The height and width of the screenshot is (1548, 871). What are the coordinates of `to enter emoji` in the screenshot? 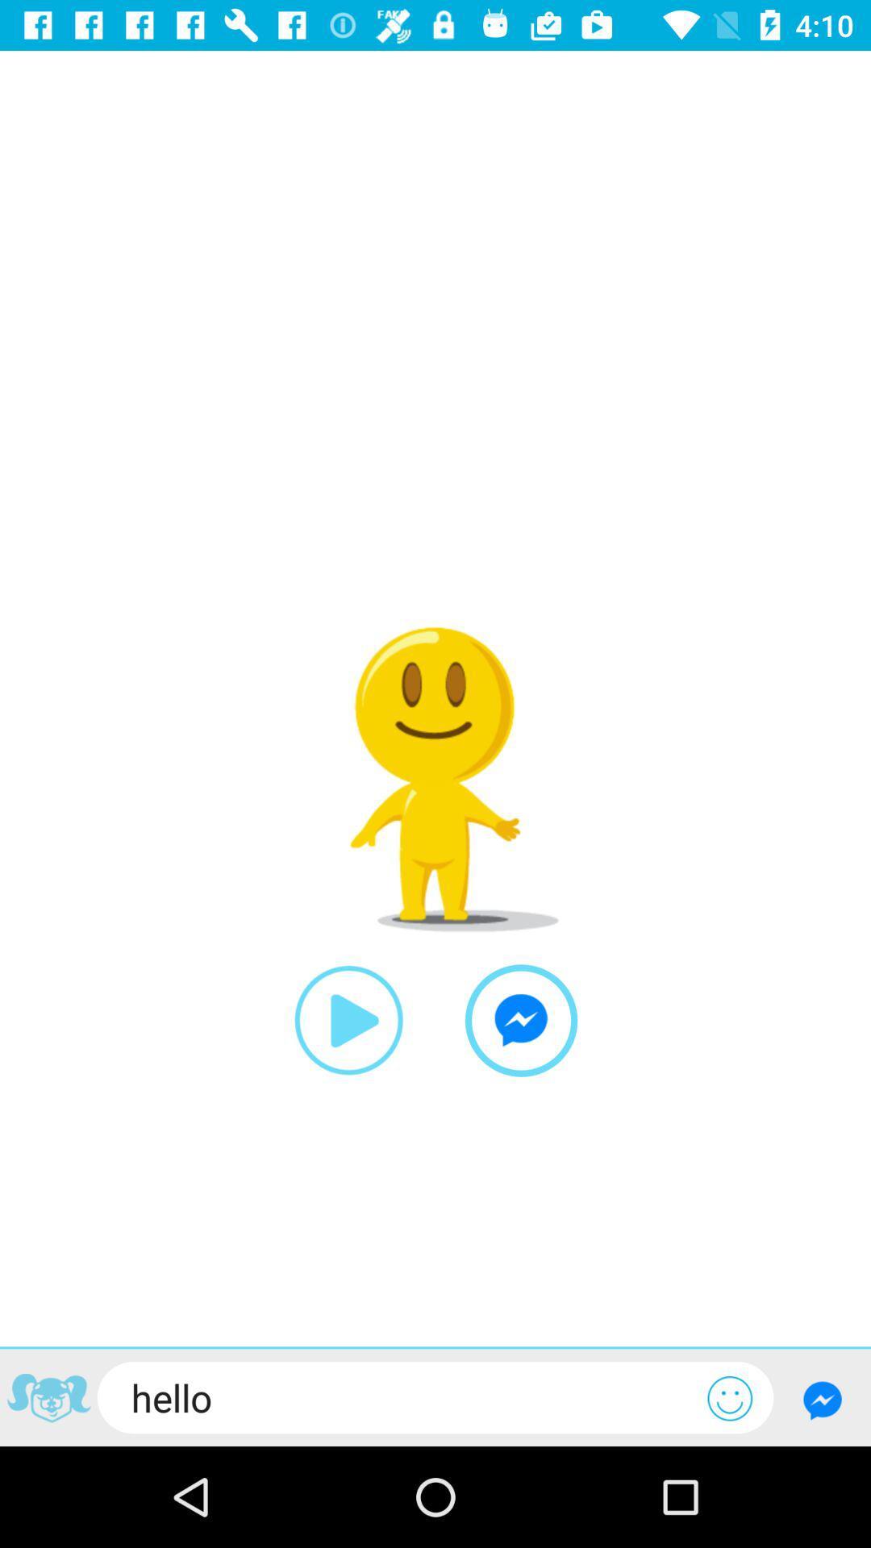 It's located at (730, 1397).